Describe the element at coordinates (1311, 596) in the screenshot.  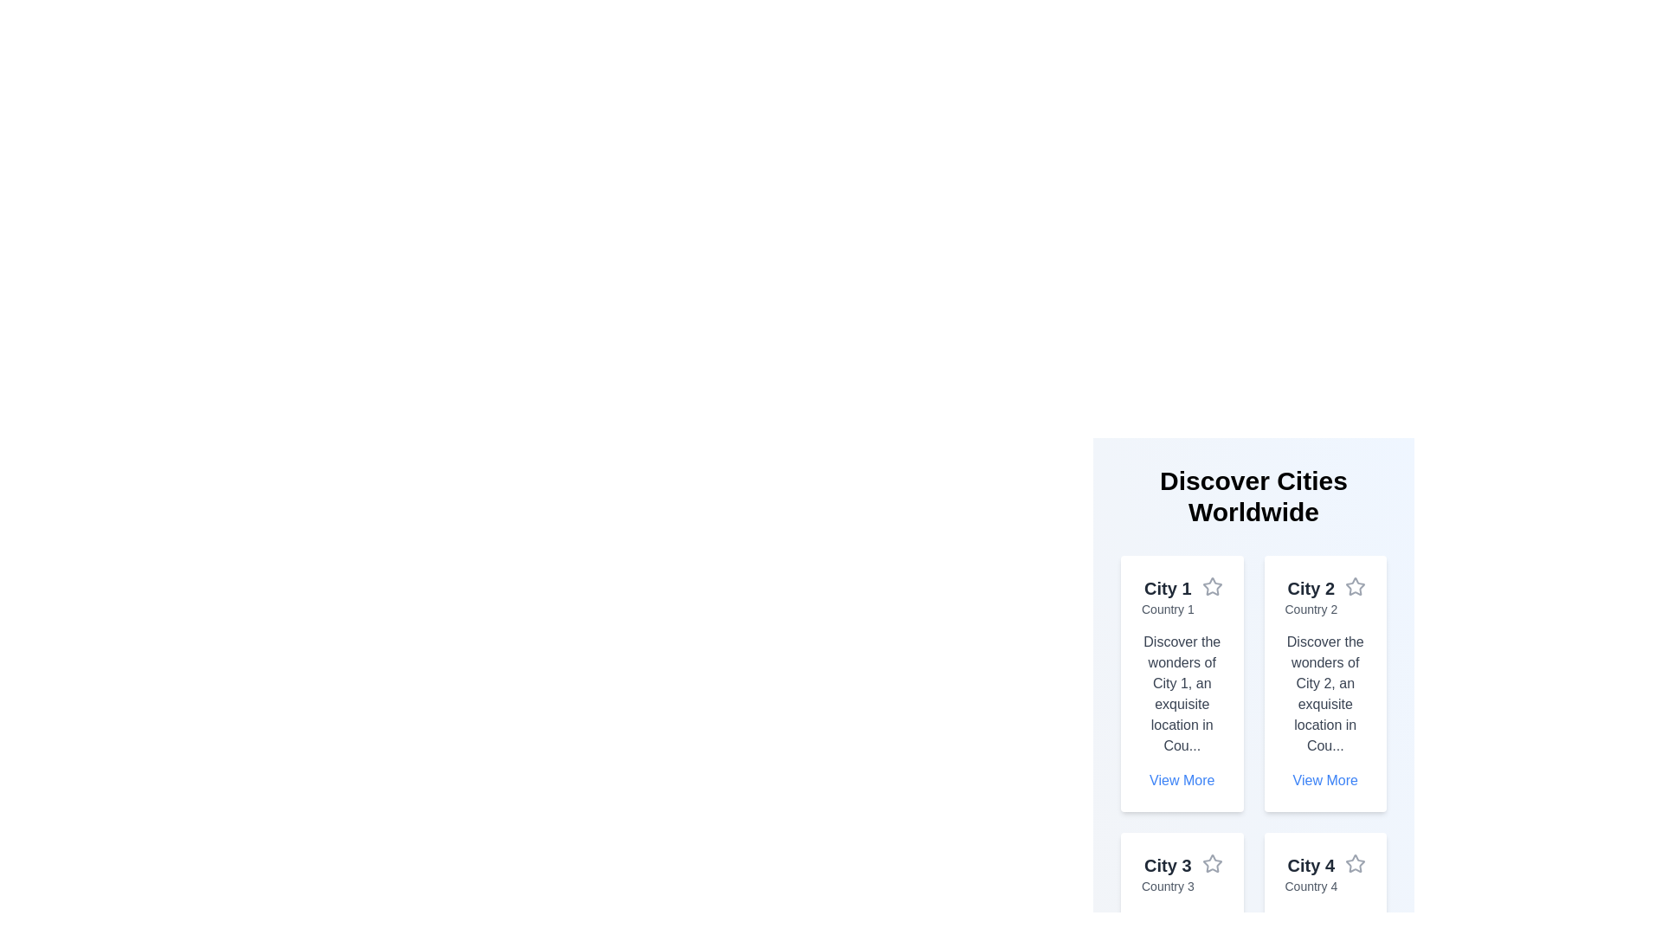
I see `text from the second card in the top row of the grid, which displays the city and country name` at that location.